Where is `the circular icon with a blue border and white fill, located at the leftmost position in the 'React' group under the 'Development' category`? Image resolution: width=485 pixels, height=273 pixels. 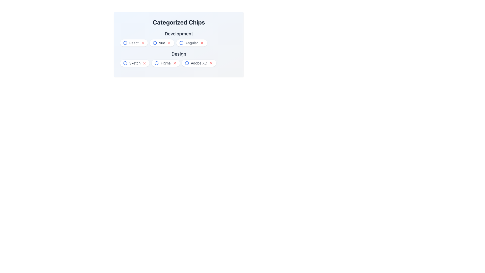
the circular icon with a blue border and white fill, located at the leftmost position in the 'React' group under the 'Development' category is located at coordinates (125, 42).